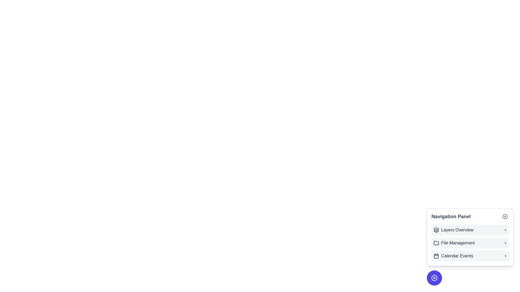 This screenshot has width=520, height=292. Describe the element at coordinates (434, 278) in the screenshot. I see `the circular indigo-blue button with a white border and an 'X' icon at the center, located at the bottom-right corner beneath the 'Navigation Panel', to observe the tooltip or color change` at that location.